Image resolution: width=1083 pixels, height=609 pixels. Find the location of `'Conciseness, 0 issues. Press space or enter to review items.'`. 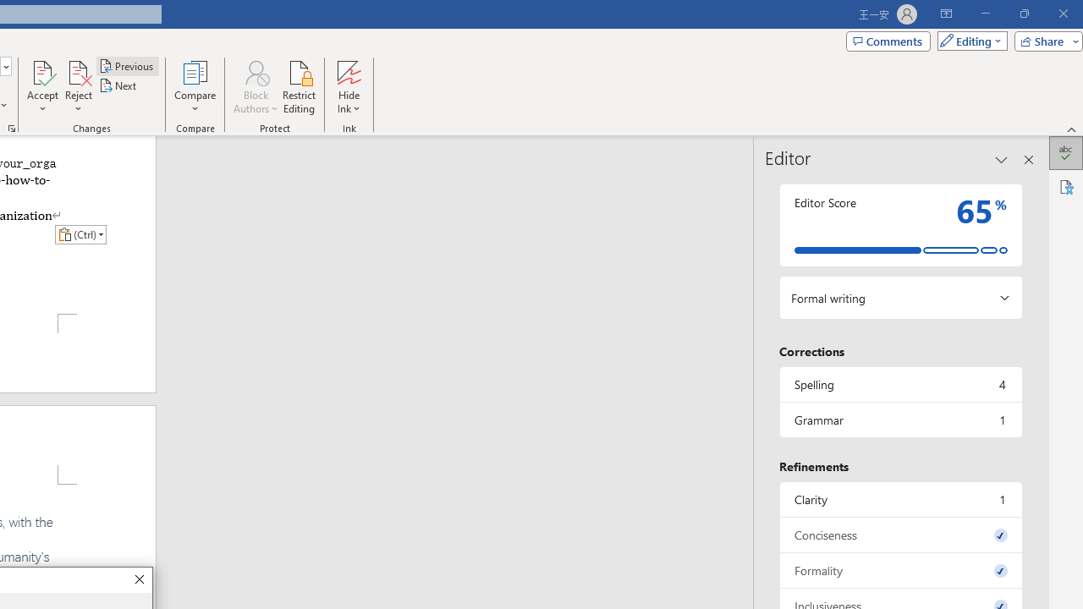

'Conciseness, 0 issues. Press space or enter to review items.' is located at coordinates (899, 535).